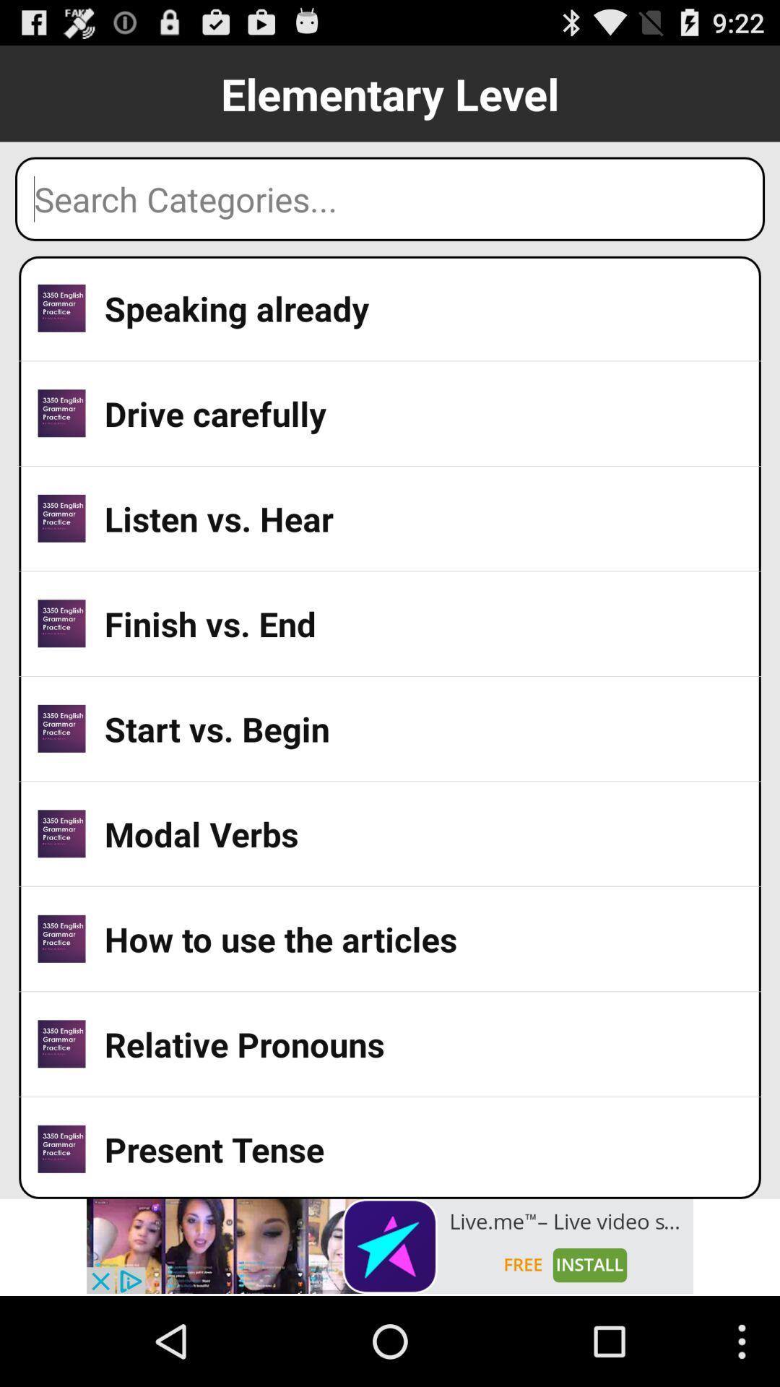  Describe the element at coordinates (390, 198) in the screenshot. I see `search box for categories` at that location.